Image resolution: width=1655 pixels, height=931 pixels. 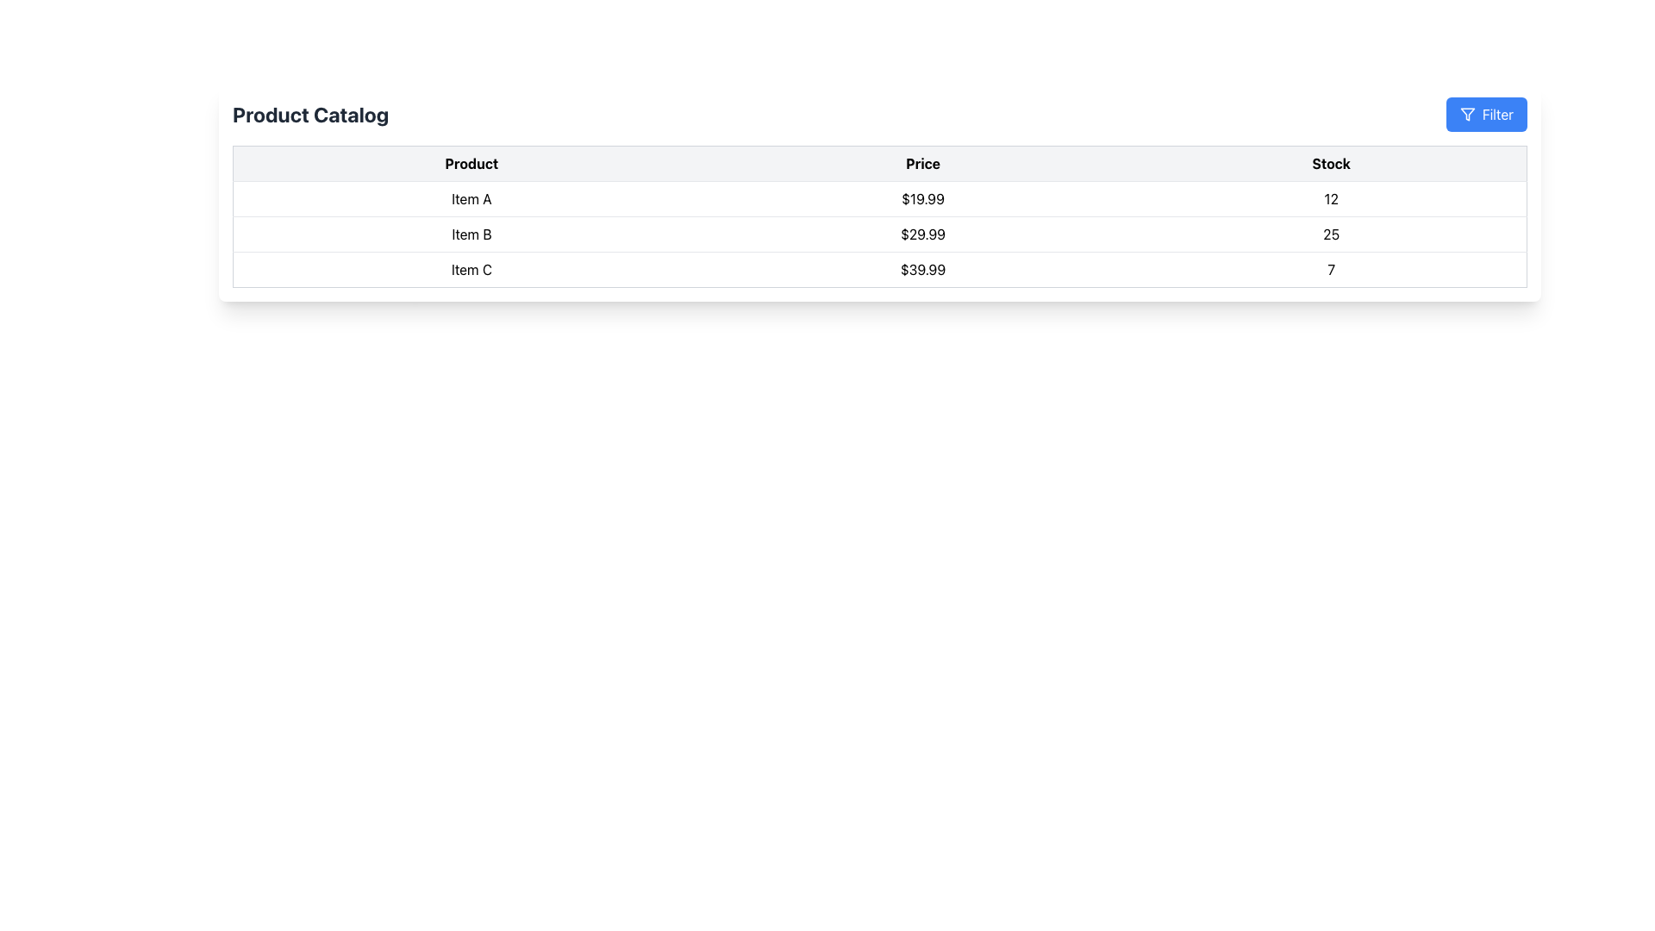 What do you see at coordinates (880, 234) in the screenshot?
I see `the second row in the product listing table, which displays product information such as name, price, and stock, positioned between 'Item A' and 'Item C'` at bounding box center [880, 234].